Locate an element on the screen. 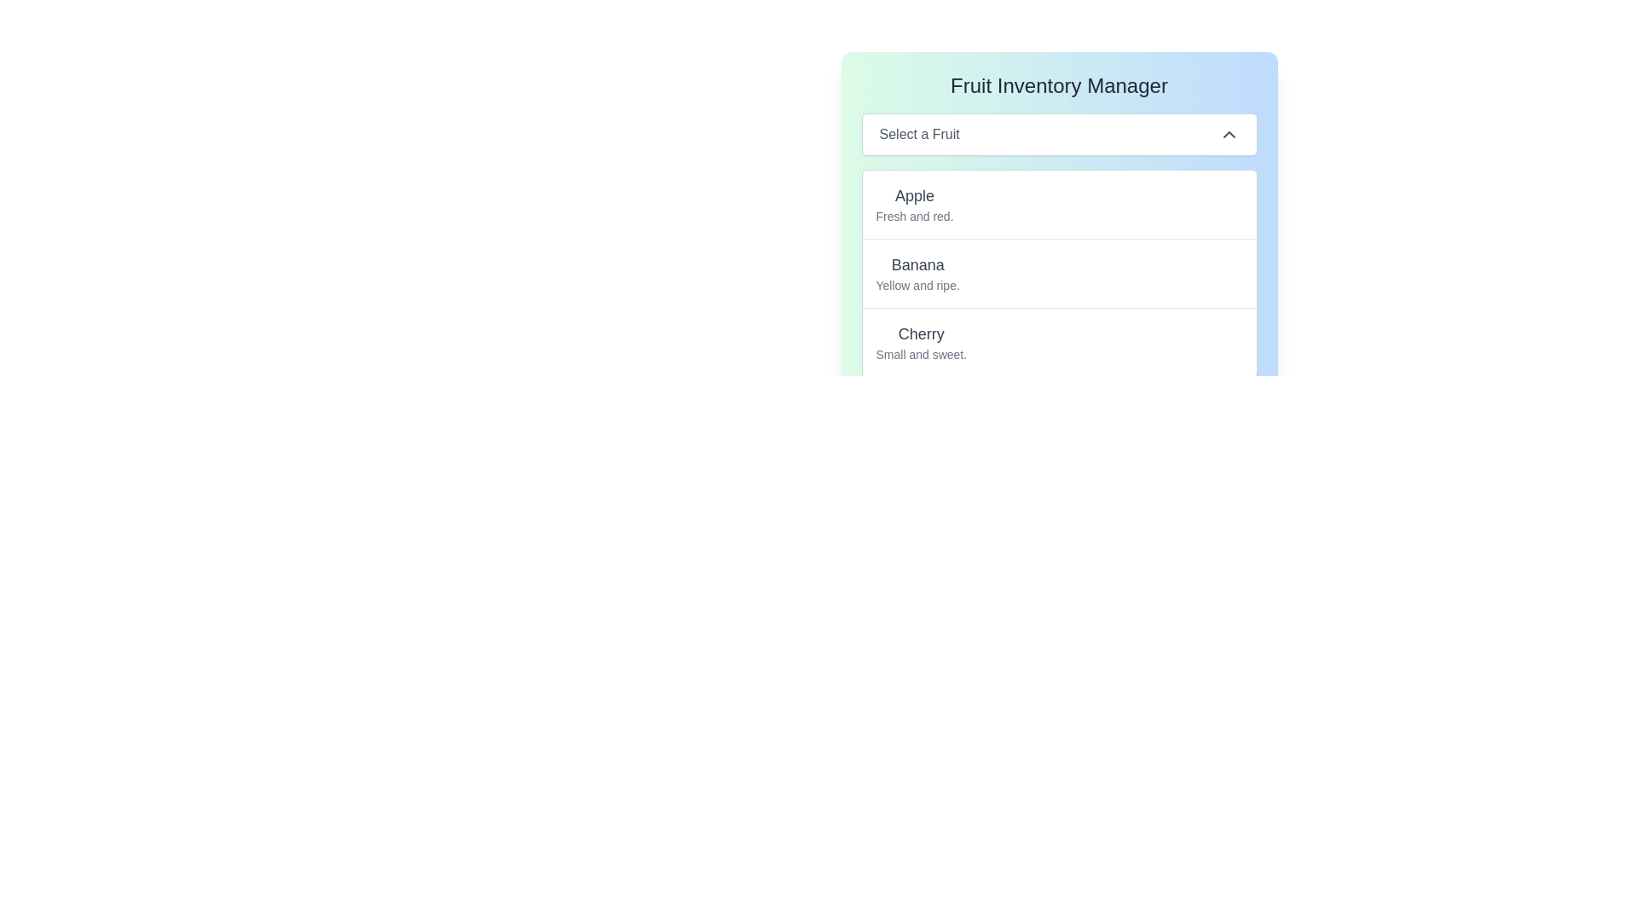 The width and height of the screenshot is (1637, 921). the text-based UI element containing 'Apple' in bold above 'Fresh and red.' This element is the first item in the list of fruit descriptions, located below the heading 'Select a Fruit.' is located at coordinates (1058, 203).